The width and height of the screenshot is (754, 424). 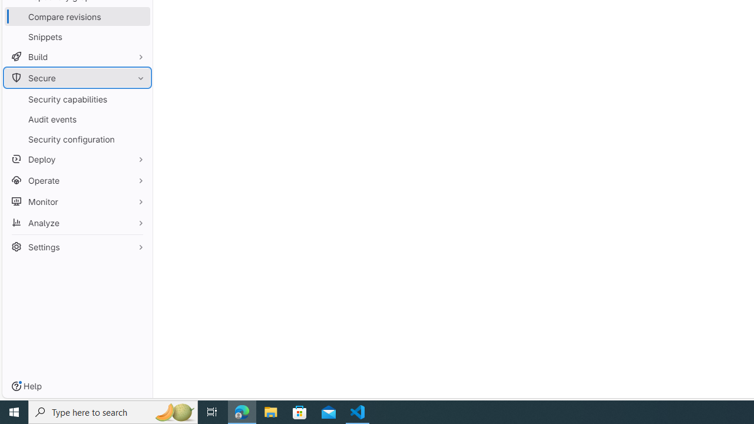 I want to click on 'Pin Snippets', so click(x=138, y=36).